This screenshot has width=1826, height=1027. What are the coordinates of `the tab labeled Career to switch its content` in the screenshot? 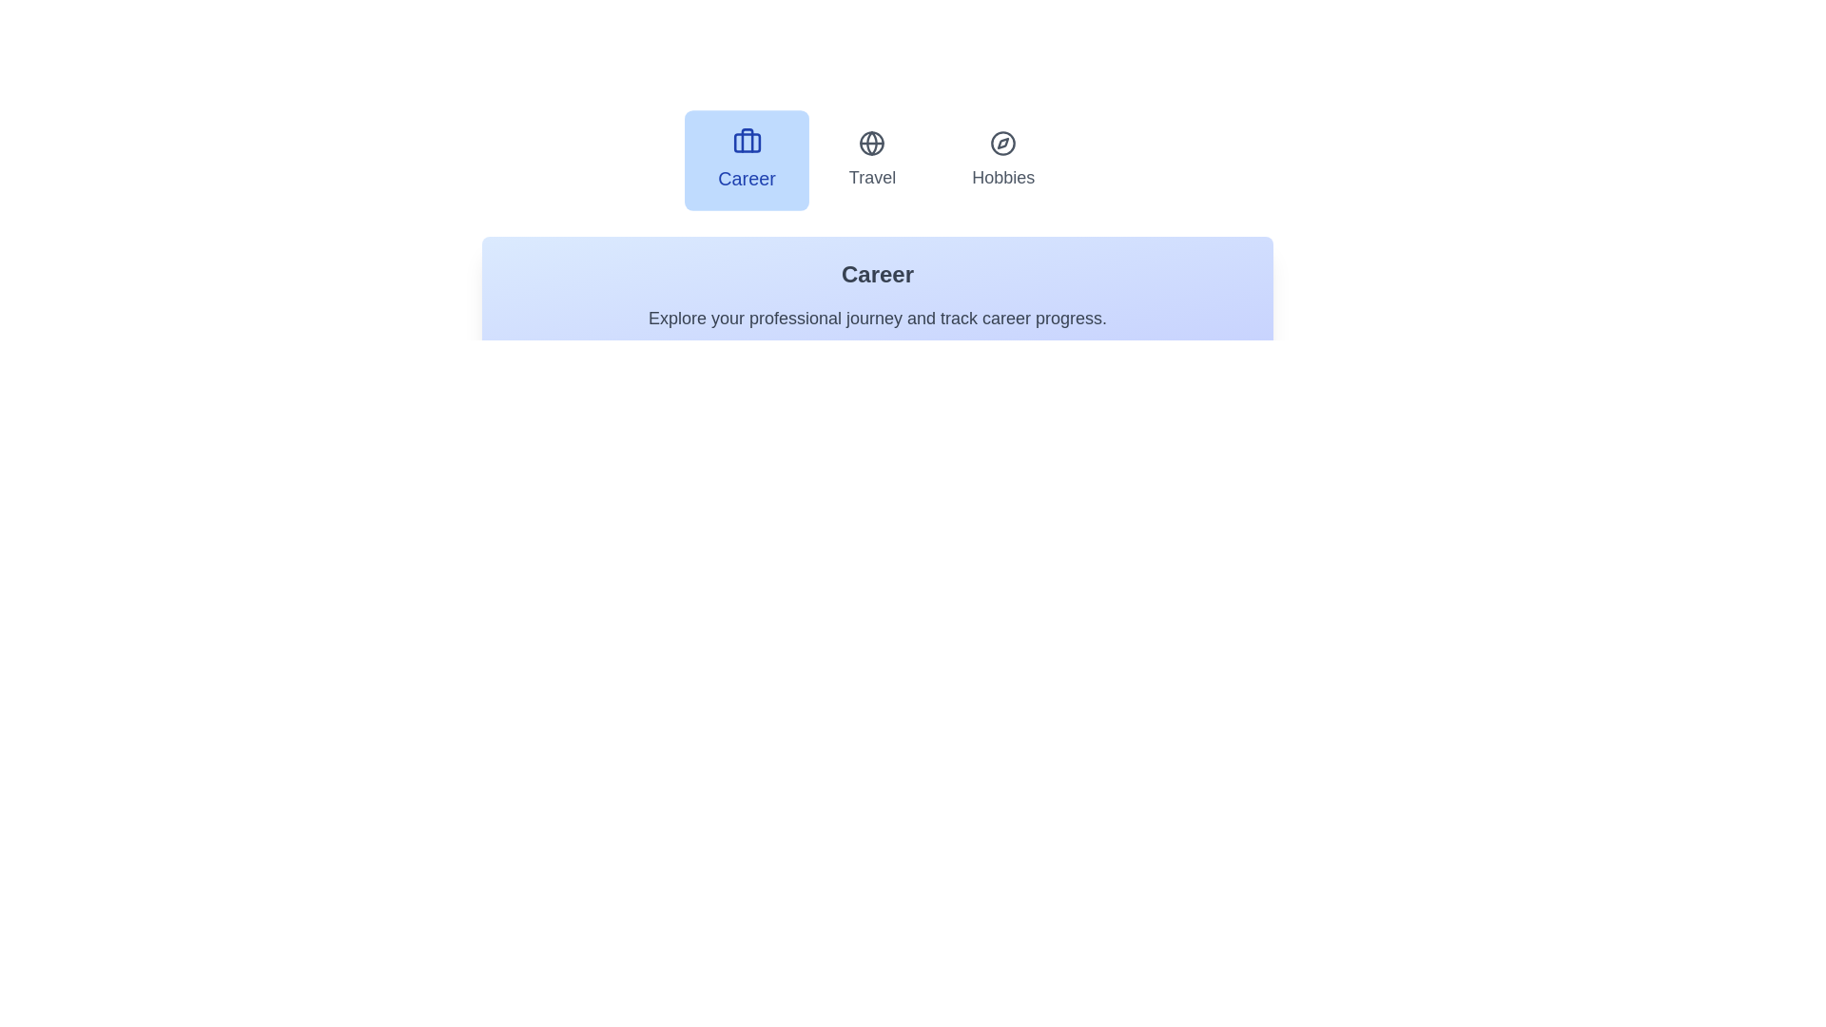 It's located at (746, 160).